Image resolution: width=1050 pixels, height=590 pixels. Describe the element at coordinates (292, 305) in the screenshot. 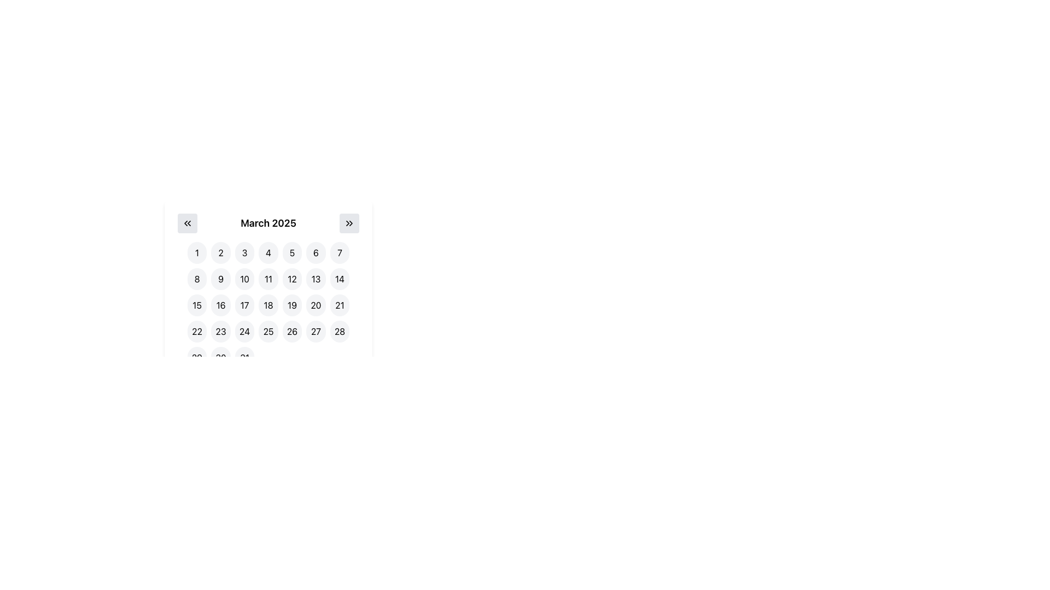

I see `the calendar button representing the 19th day, located` at that location.